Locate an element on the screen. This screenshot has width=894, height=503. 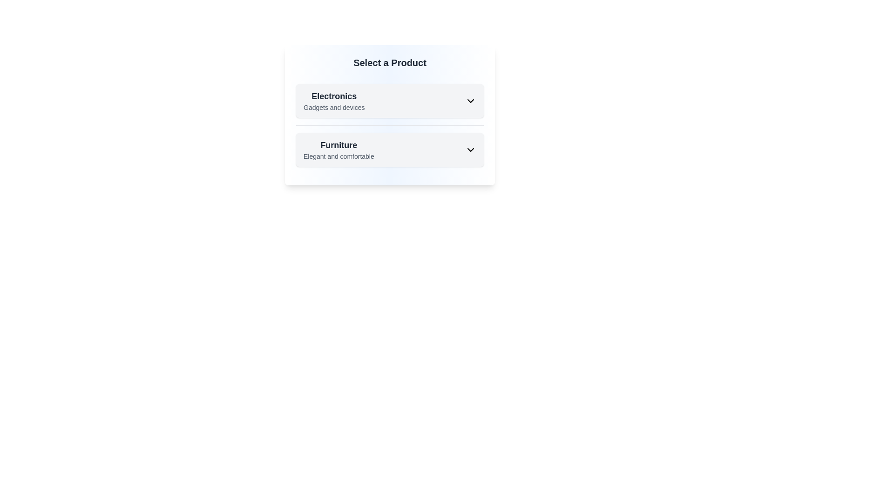
the header text label in the 'Select a Product' section, which indicates the category it represents, positioned above 'Gadgets and devices' is located at coordinates (334, 96).